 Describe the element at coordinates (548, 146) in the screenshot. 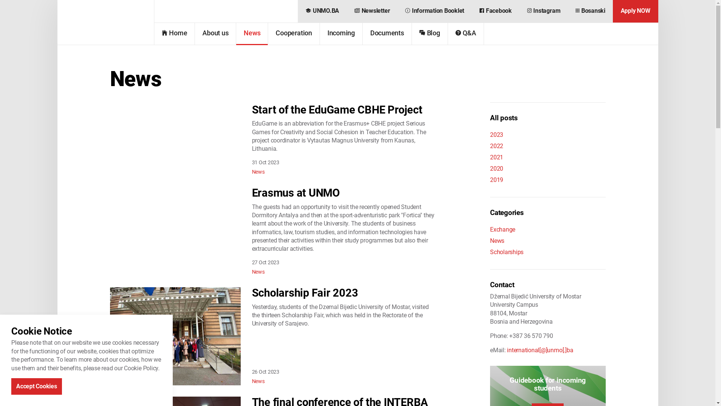

I see `'2022'` at that location.